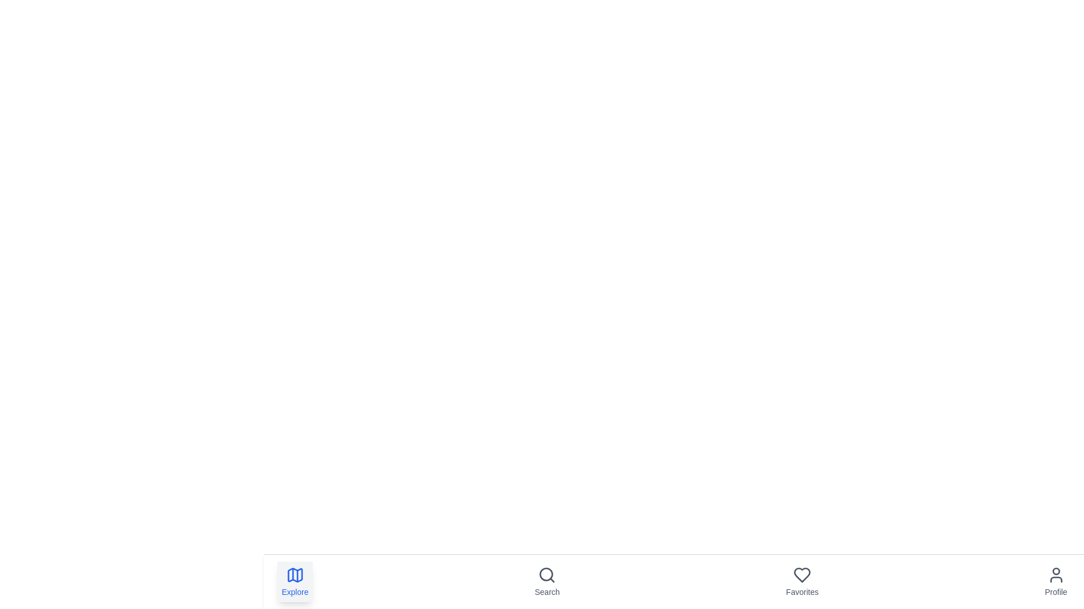 Image resolution: width=1084 pixels, height=609 pixels. Describe the element at coordinates (801, 582) in the screenshot. I see `the navigation item labeled Favorites` at that location.